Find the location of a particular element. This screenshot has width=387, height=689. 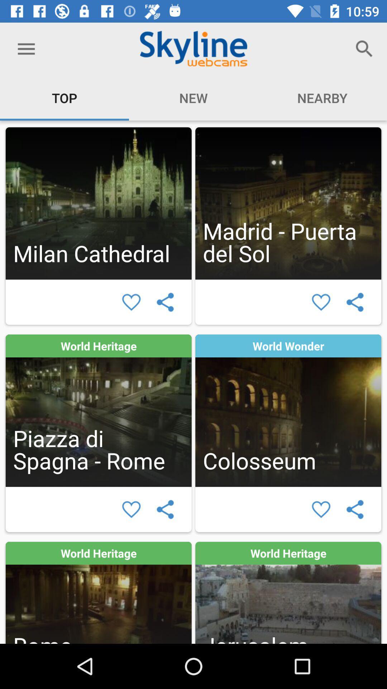

explore webcam is located at coordinates (288, 203).